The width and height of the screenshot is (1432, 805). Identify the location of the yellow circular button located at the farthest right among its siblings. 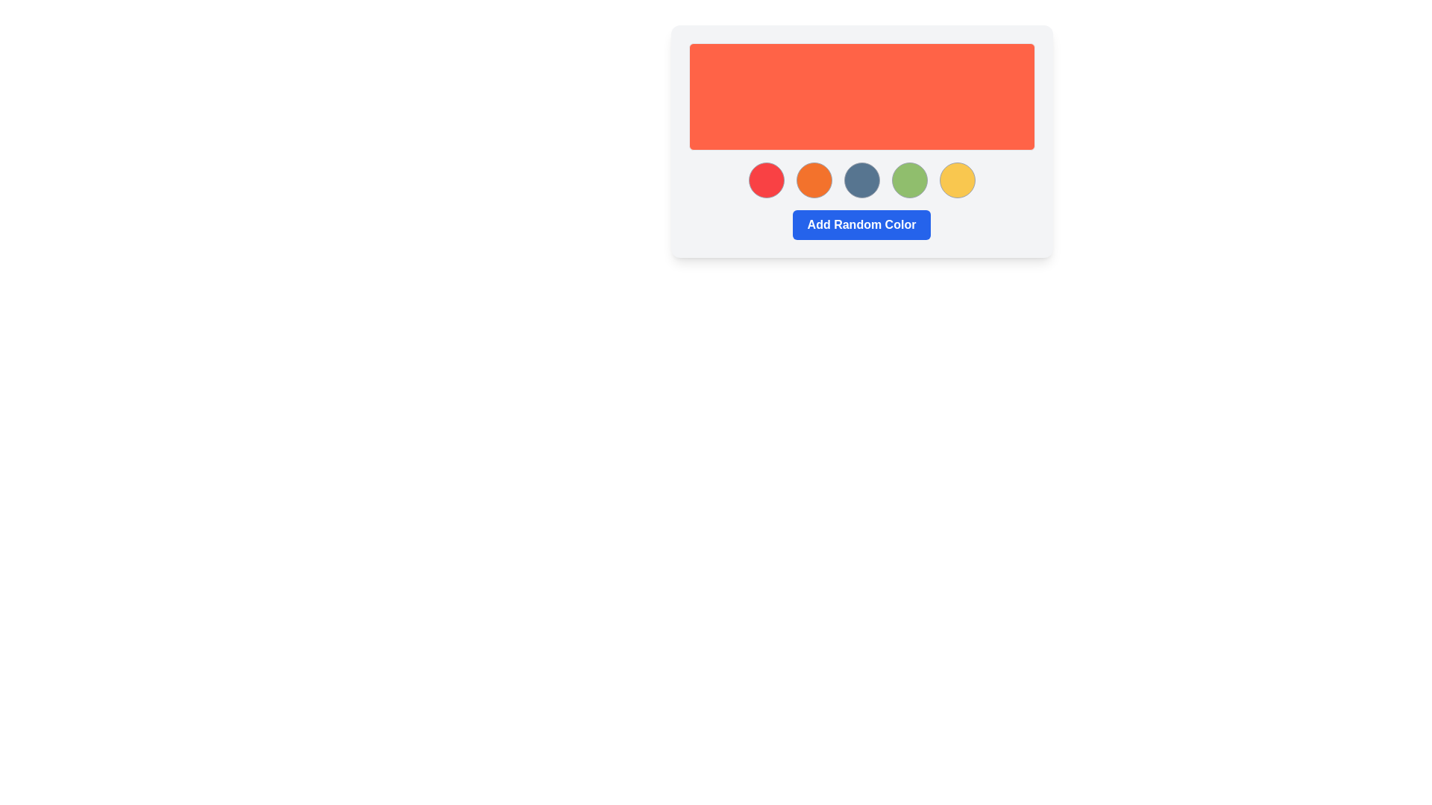
(957, 180).